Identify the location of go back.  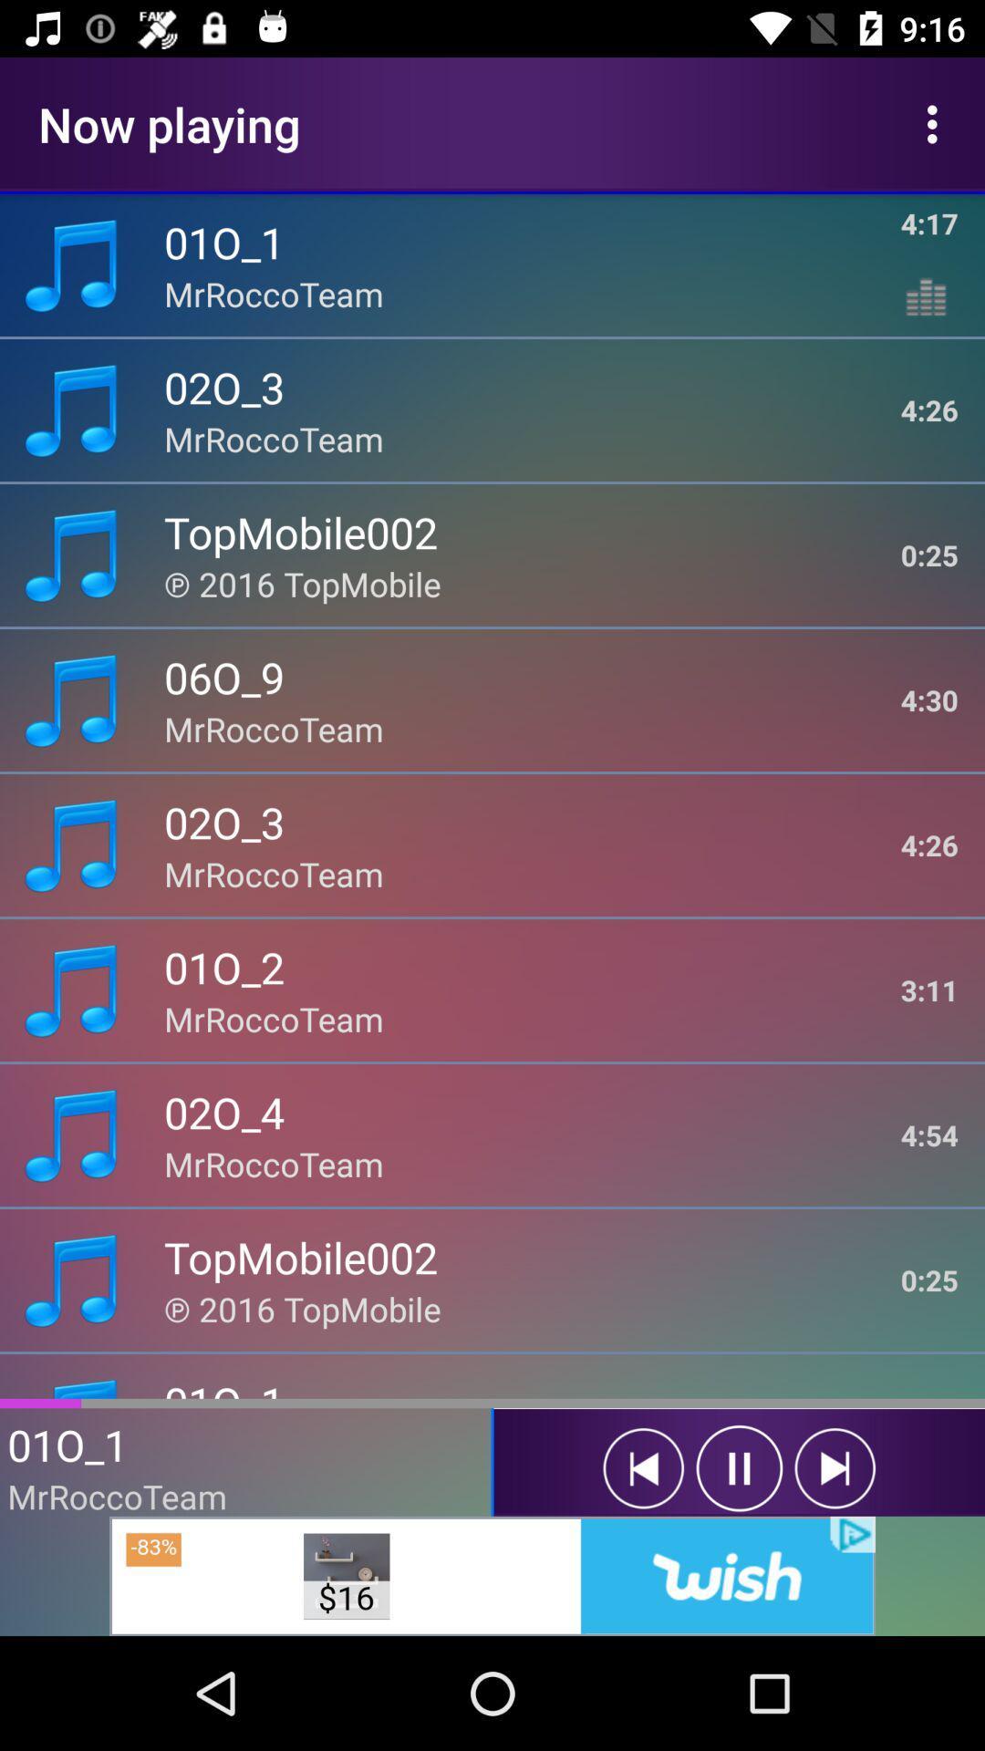
(835, 1468).